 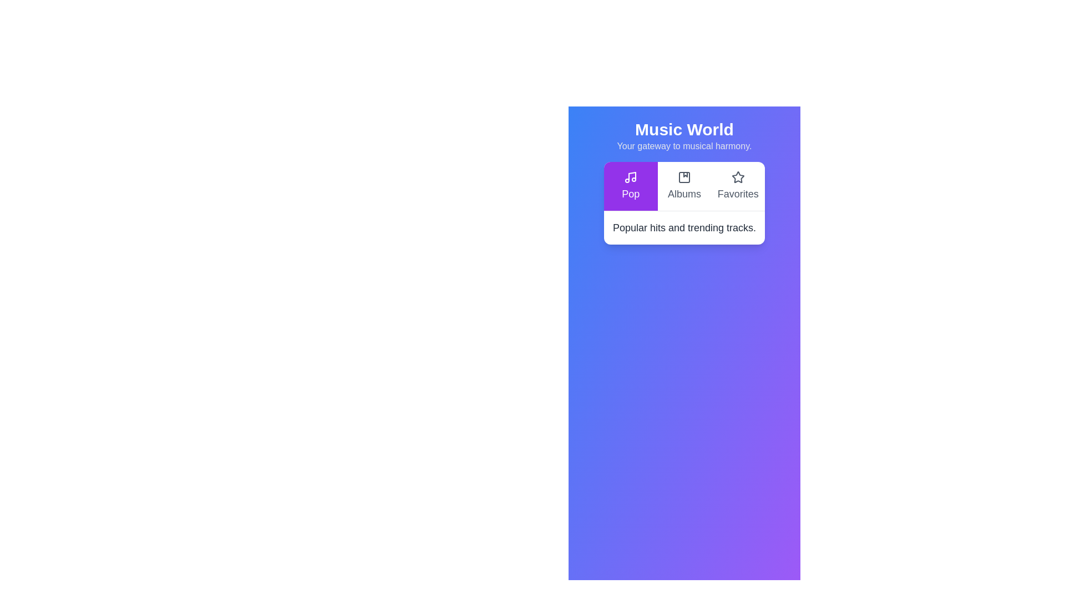 I want to click on the genre Pop by clicking on its button, so click(x=631, y=185).